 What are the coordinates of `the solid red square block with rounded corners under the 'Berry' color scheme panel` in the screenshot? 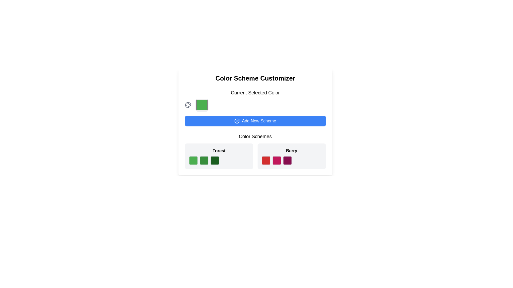 It's located at (266, 160).